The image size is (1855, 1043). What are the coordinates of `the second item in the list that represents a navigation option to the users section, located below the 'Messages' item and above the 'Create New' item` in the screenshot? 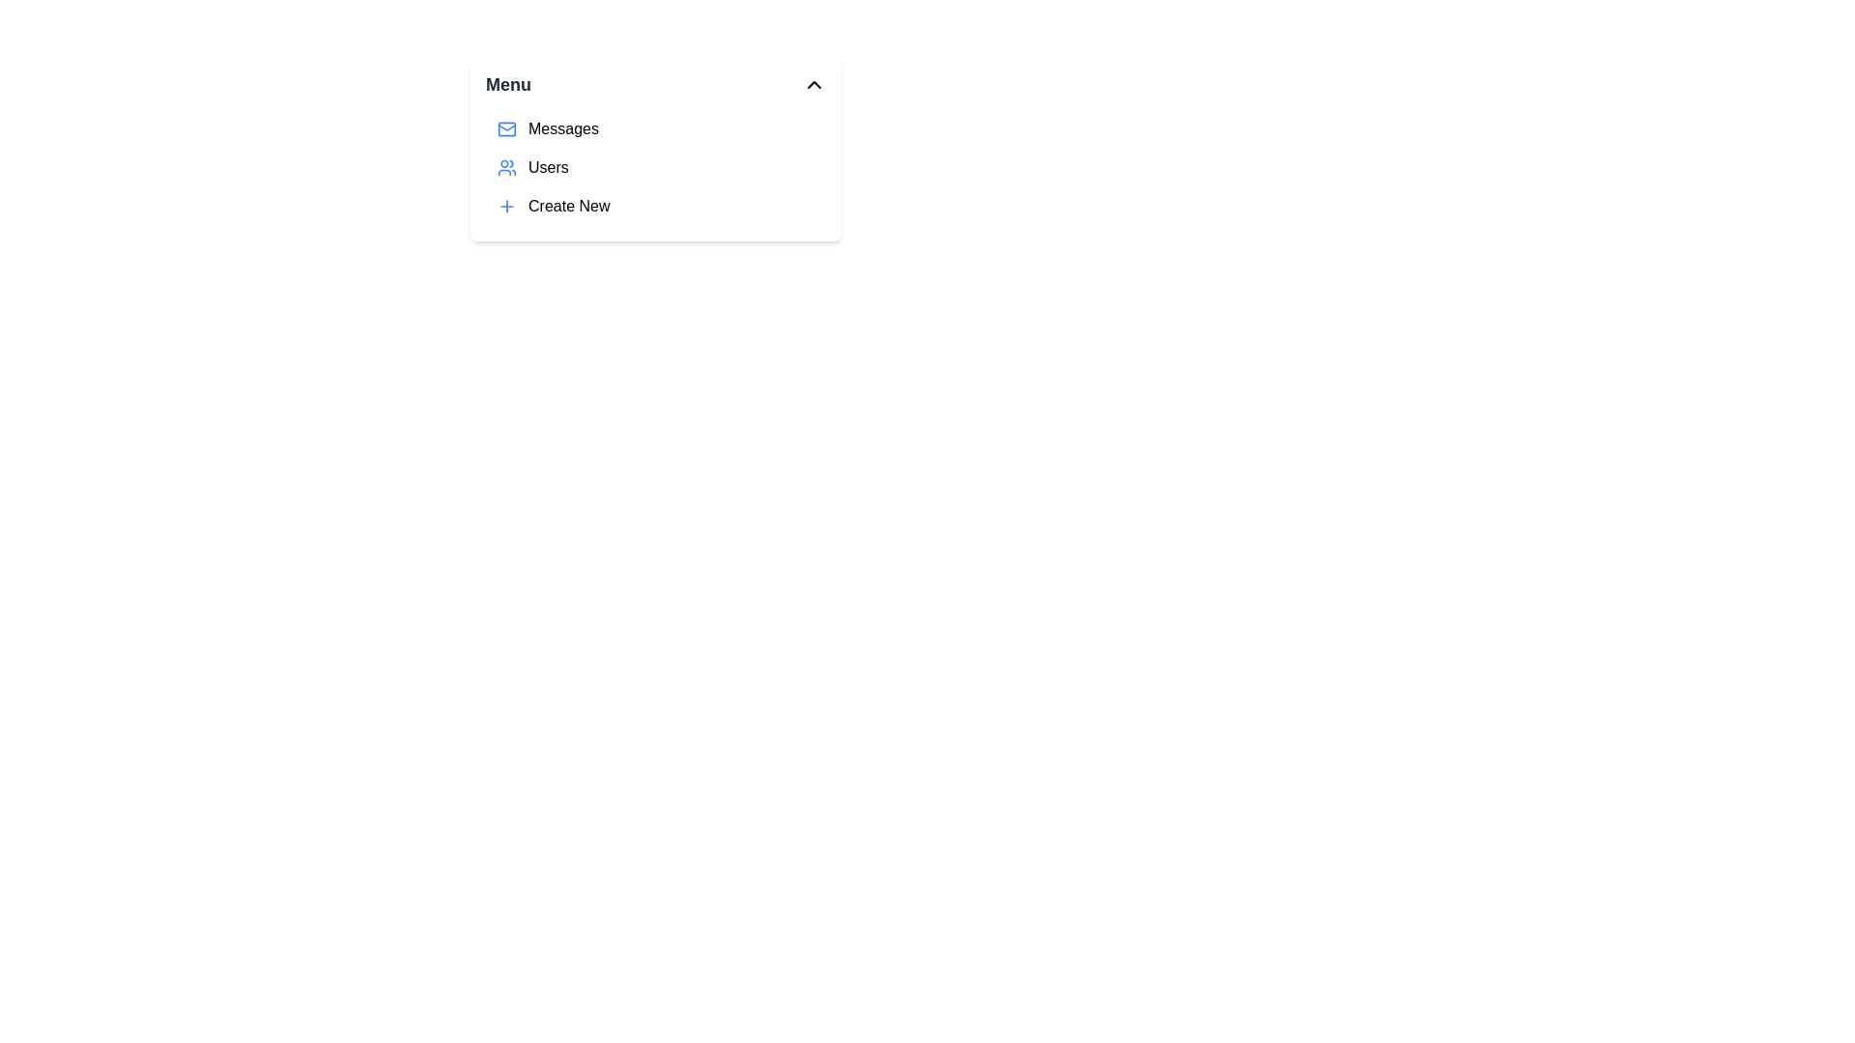 It's located at (655, 166).